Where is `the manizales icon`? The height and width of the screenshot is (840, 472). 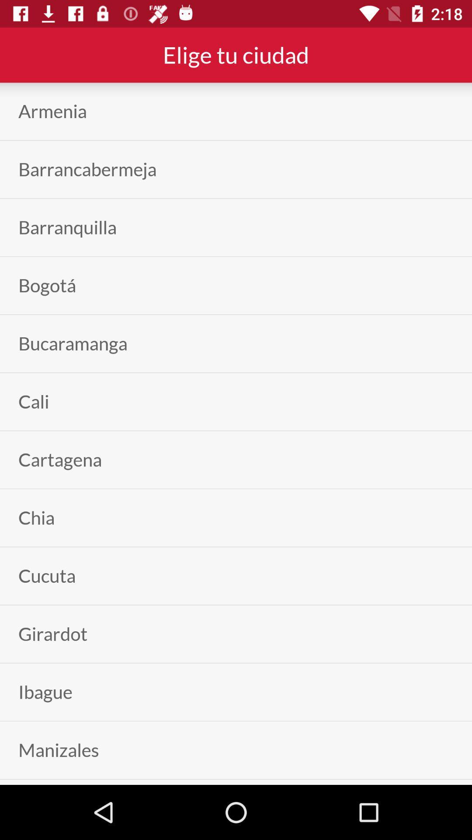
the manizales icon is located at coordinates (59, 749).